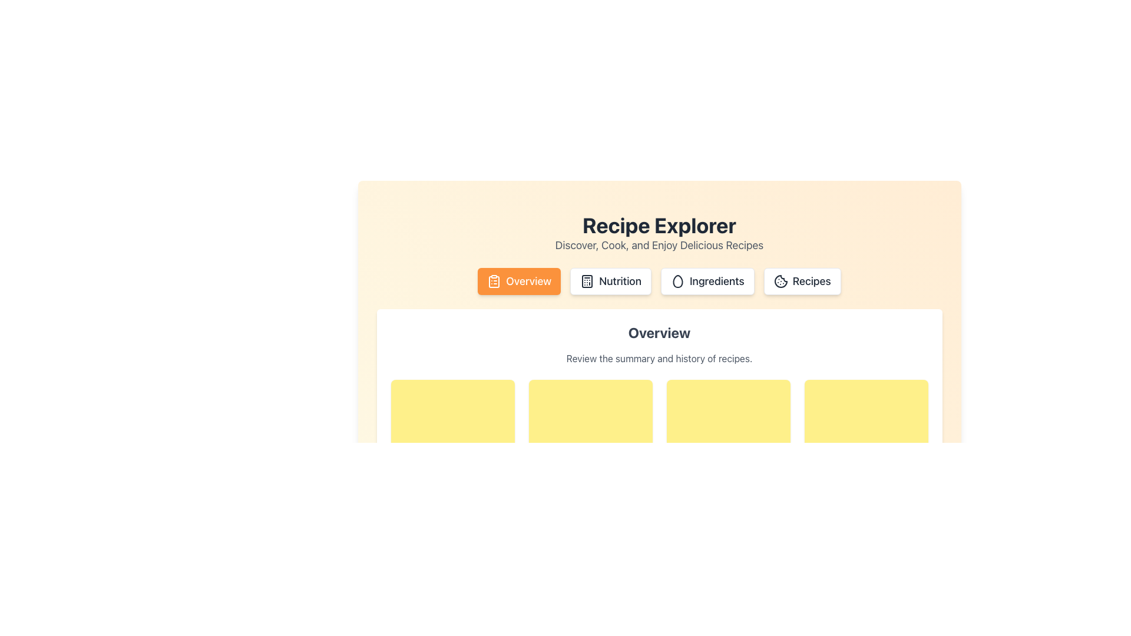 This screenshot has width=1131, height=636. Describe the element at coordinates (494, 281) in the screenshot. I see `the 'Overview' button which contains the icon representing the concept of 'Overview' located in the header section of the interface` at that location.